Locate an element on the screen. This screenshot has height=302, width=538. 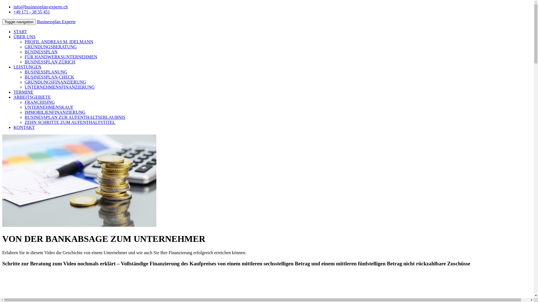
'+49 171 - 38 55 451' is located at coordinates (31, 12).